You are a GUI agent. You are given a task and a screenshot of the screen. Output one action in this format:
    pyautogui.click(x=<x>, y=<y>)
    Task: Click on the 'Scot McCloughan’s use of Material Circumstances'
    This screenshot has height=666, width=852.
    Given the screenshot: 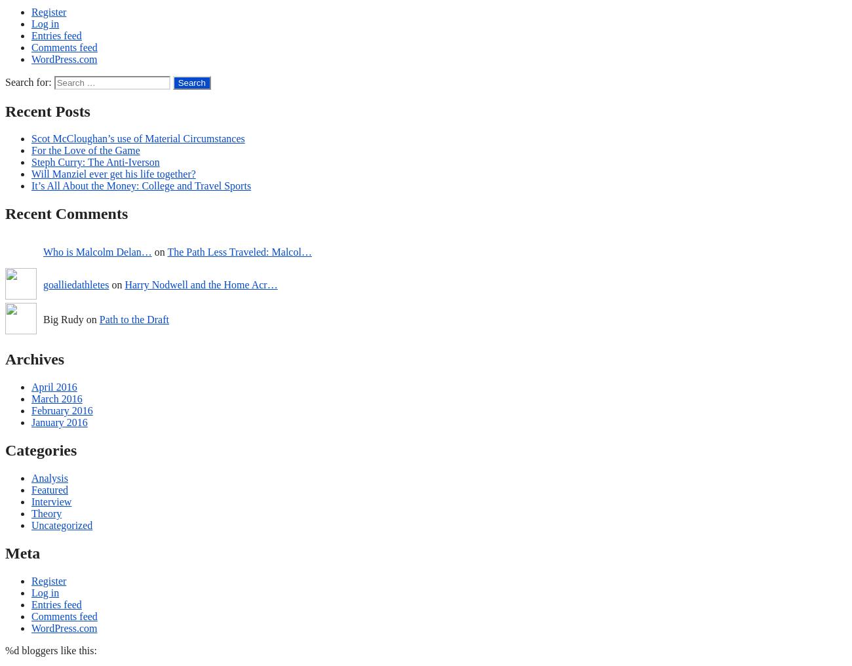 What is the action you would take?
    pyautogui.click(x=138, y=138)
    